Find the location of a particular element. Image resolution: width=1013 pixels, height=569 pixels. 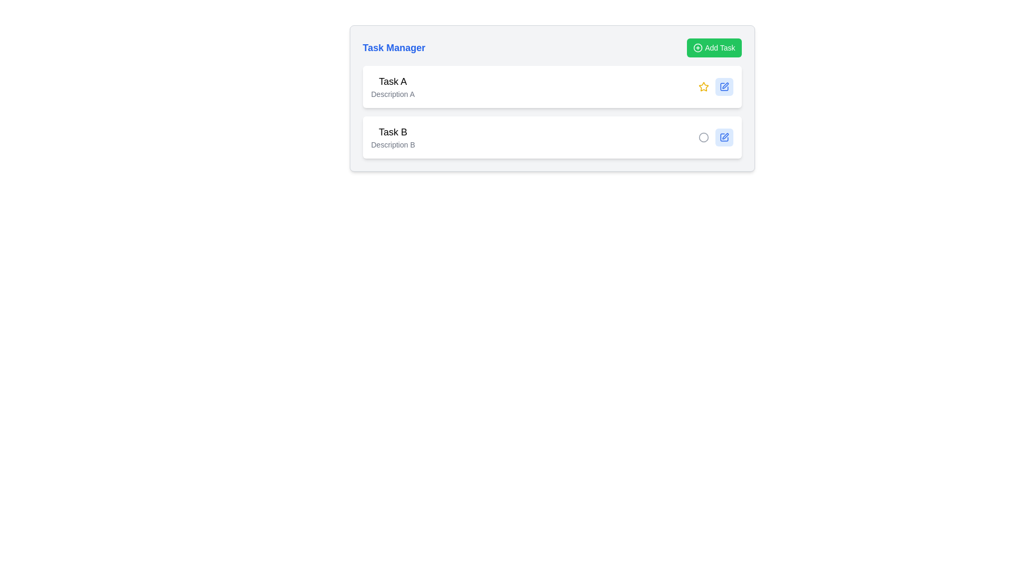

the icon button located on the right side of the 'Task A' entry in the task list is located at coordinates (703, 86).